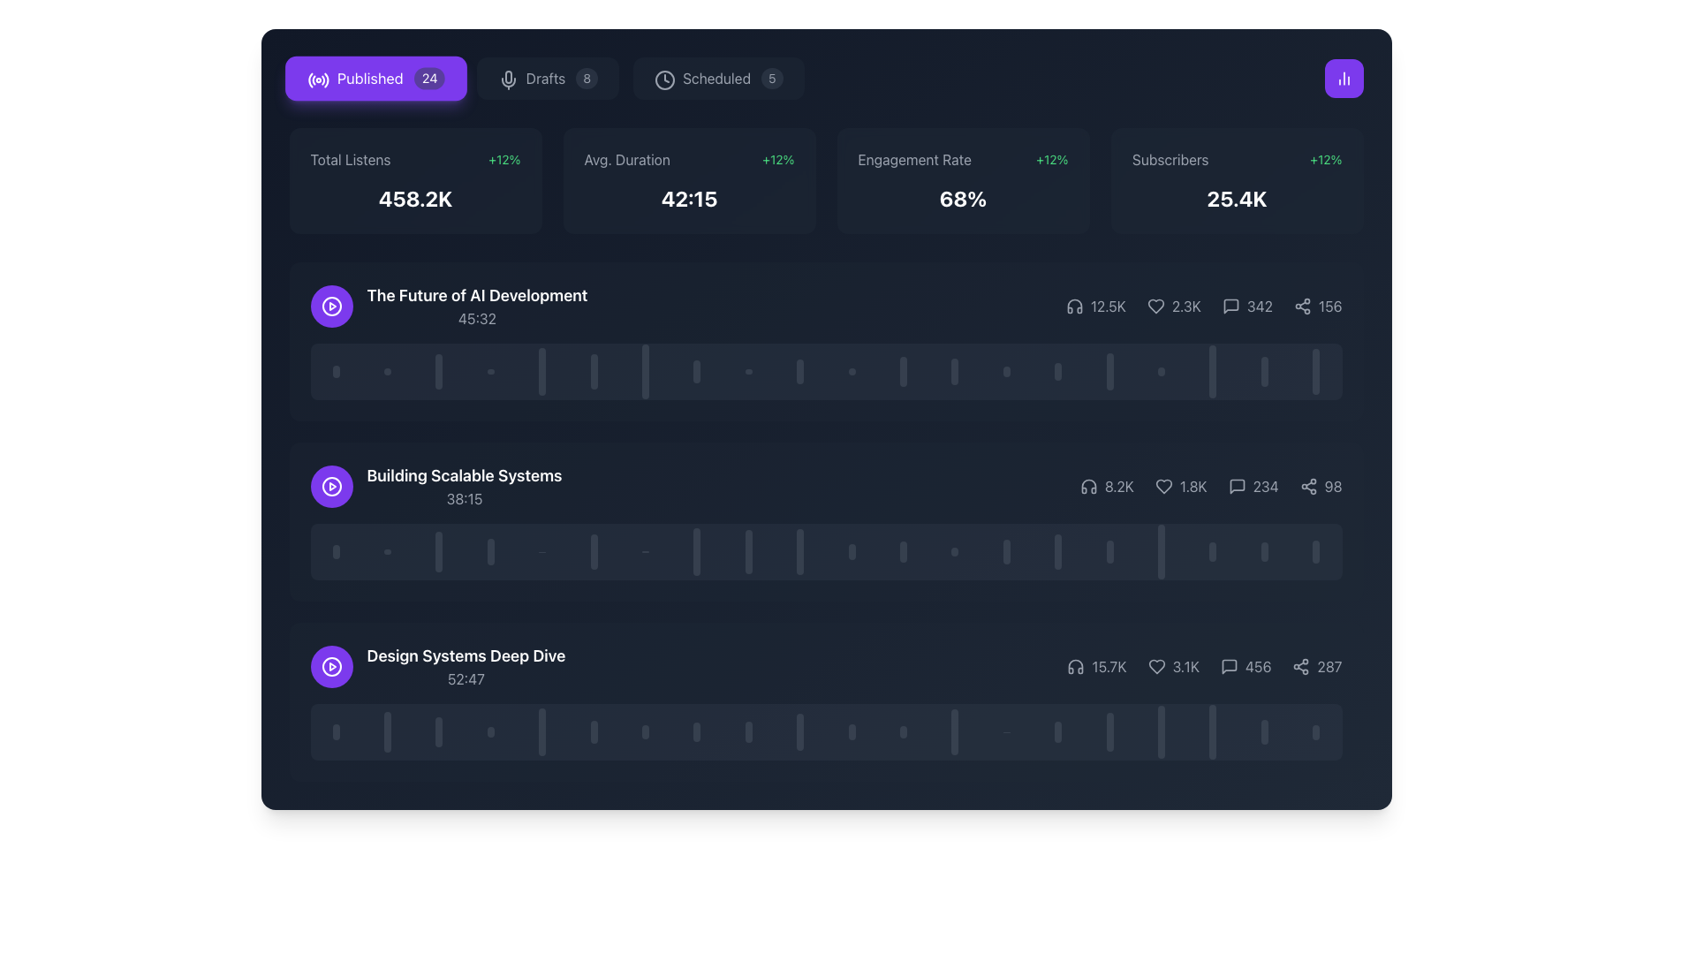 This screenshot has height=954, width=1696. What do you see at coordinates (1006, 550) in the screenshot?
I see `the 14th vertical bar in the series of chart bars, which is a rounded rectangle with a dark gray fill and 50% opacity, located in the second row of the interface` at bounding box center [1006, 550].